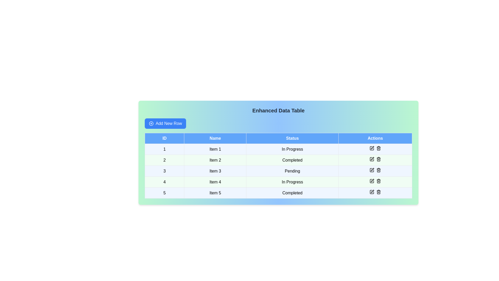  What do you see at coordinates (215, 182) in the screenshot?
I see `the table cell containing the text 'Item 4', located in the second column of the fourth row, which has a light green background and black text` at bounding box center [215, 182].